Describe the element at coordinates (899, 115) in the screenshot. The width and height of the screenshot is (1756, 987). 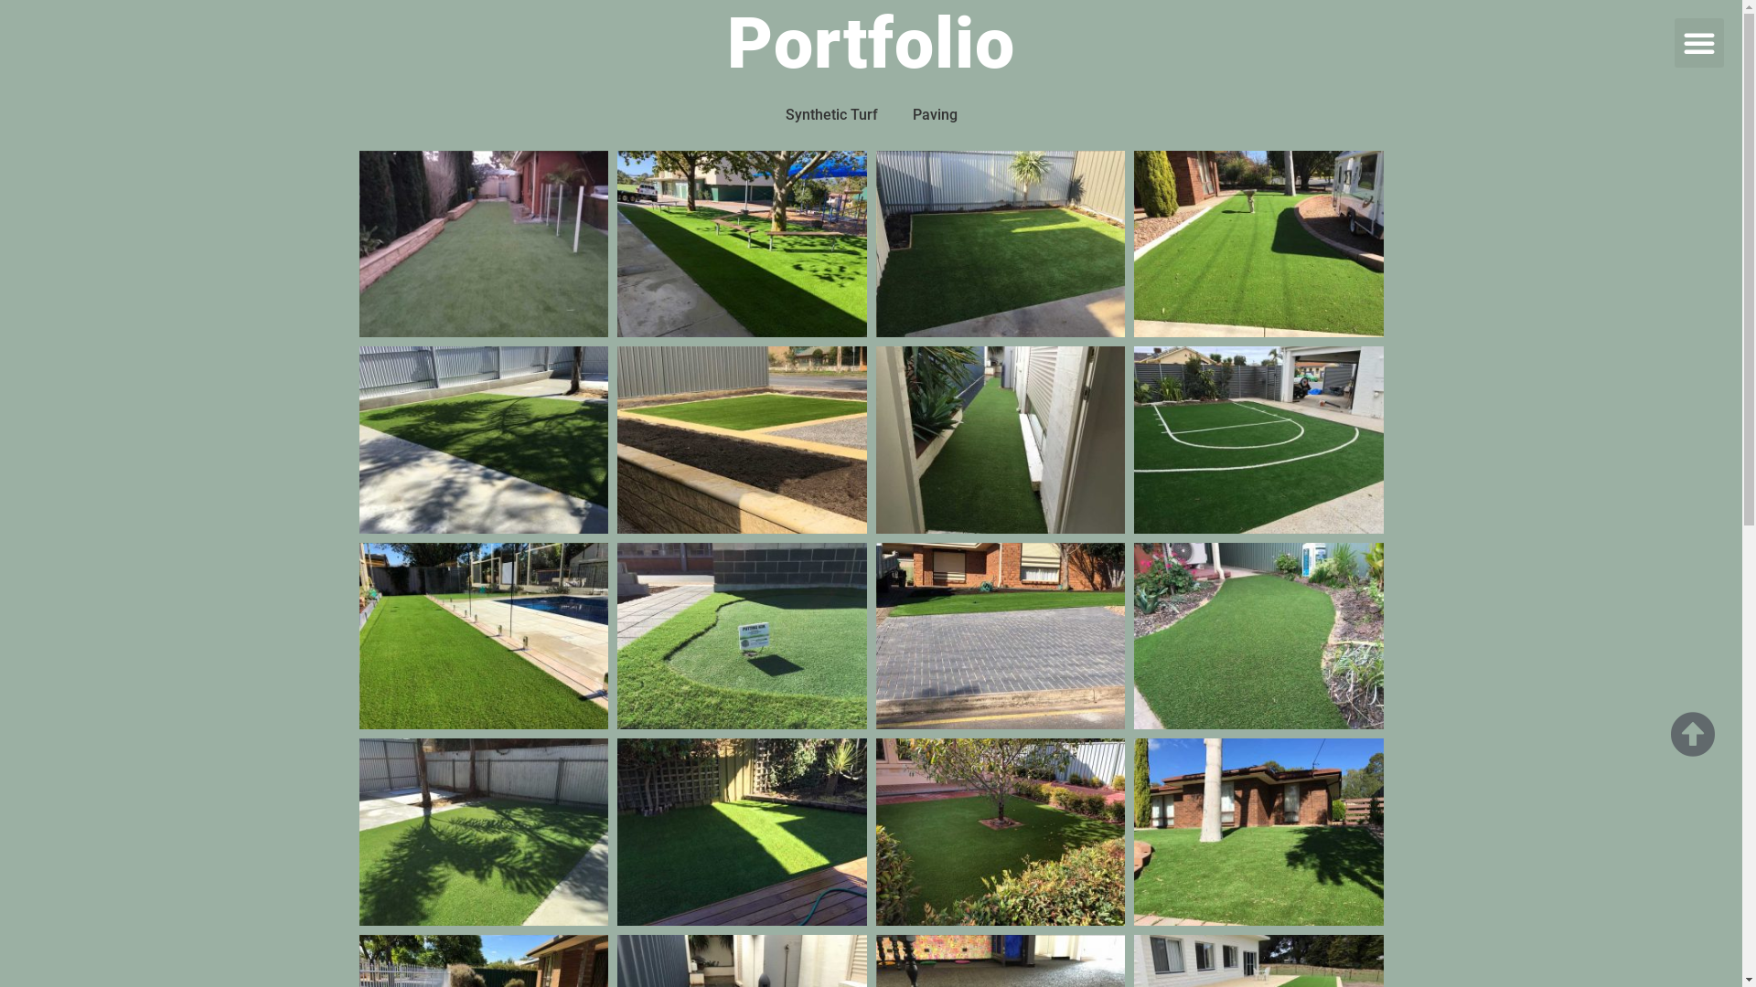
I see `'Paving'` at that location.